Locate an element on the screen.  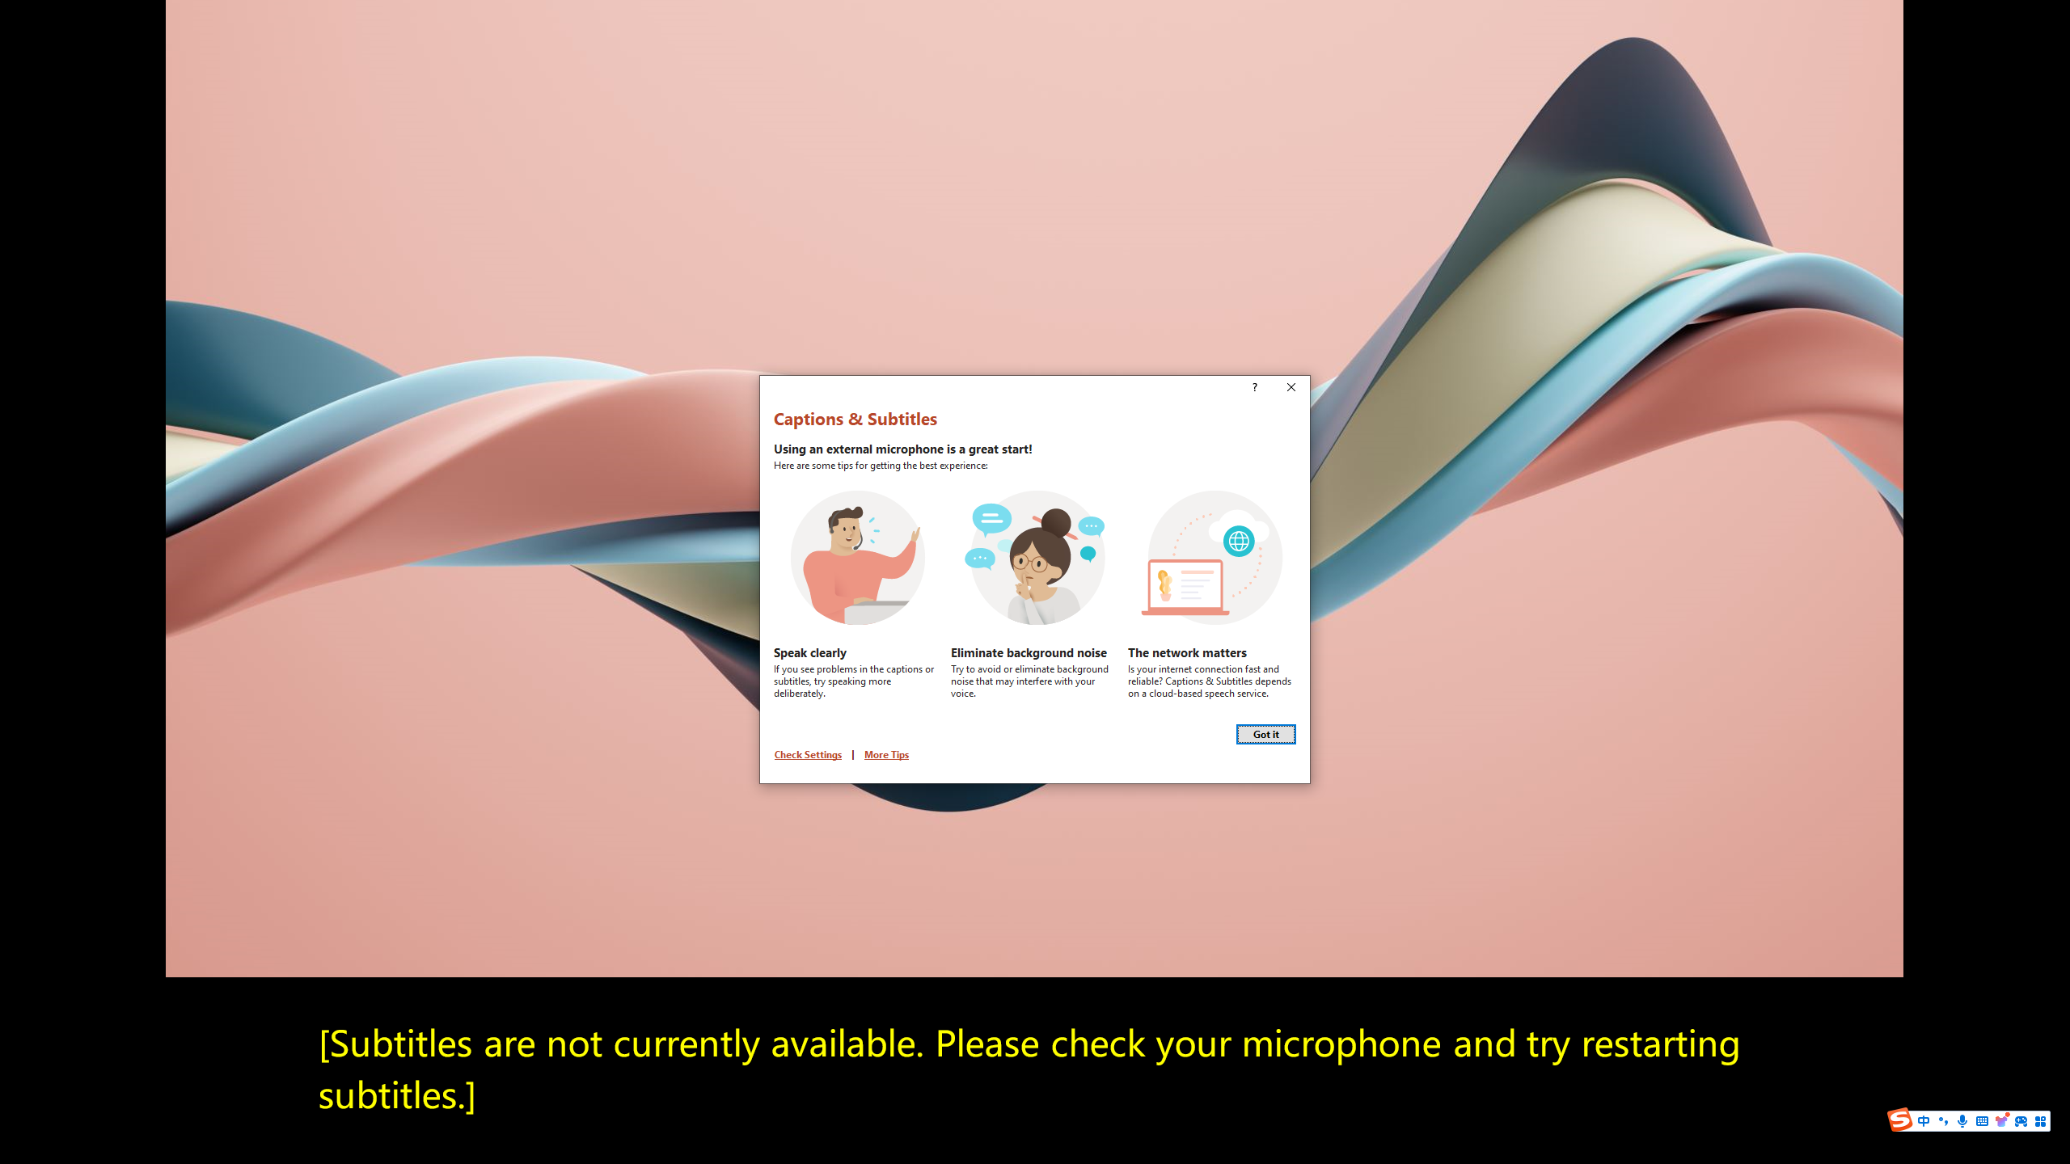
'Laptop transferring data to and from the internet' is located at coordinates (1213, 557).